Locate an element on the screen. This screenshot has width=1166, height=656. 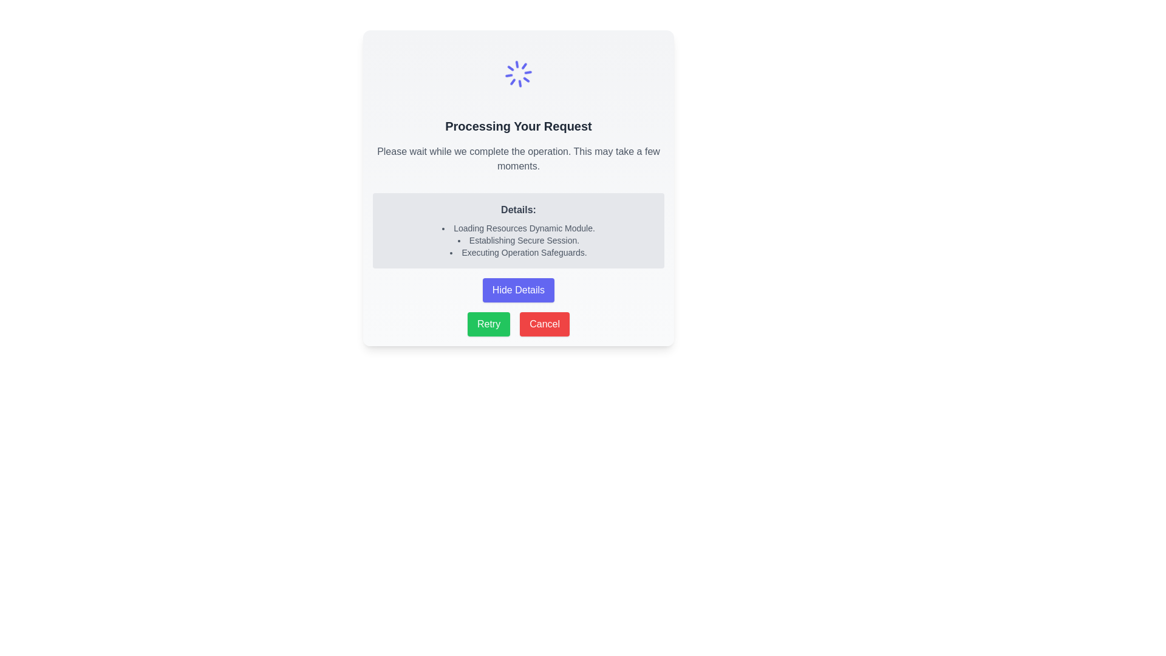
the cancel button, which is the second button from the left in a row of two buttons at the bottom of the modal dialog is located at coordinates (544, 323).